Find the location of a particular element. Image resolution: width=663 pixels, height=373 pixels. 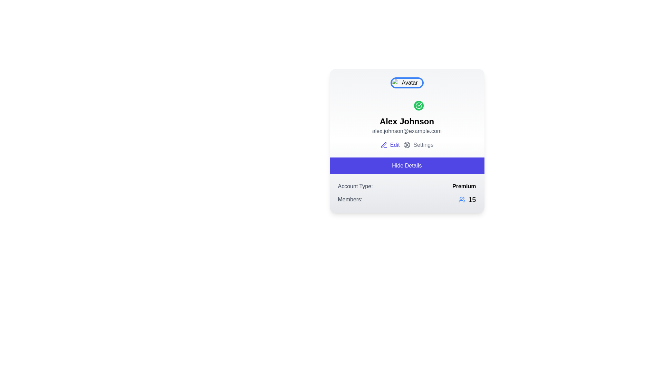

the cogwheel icon representing settings, located adjacent to the text 'Settings' is located at coordinates (407, 145).